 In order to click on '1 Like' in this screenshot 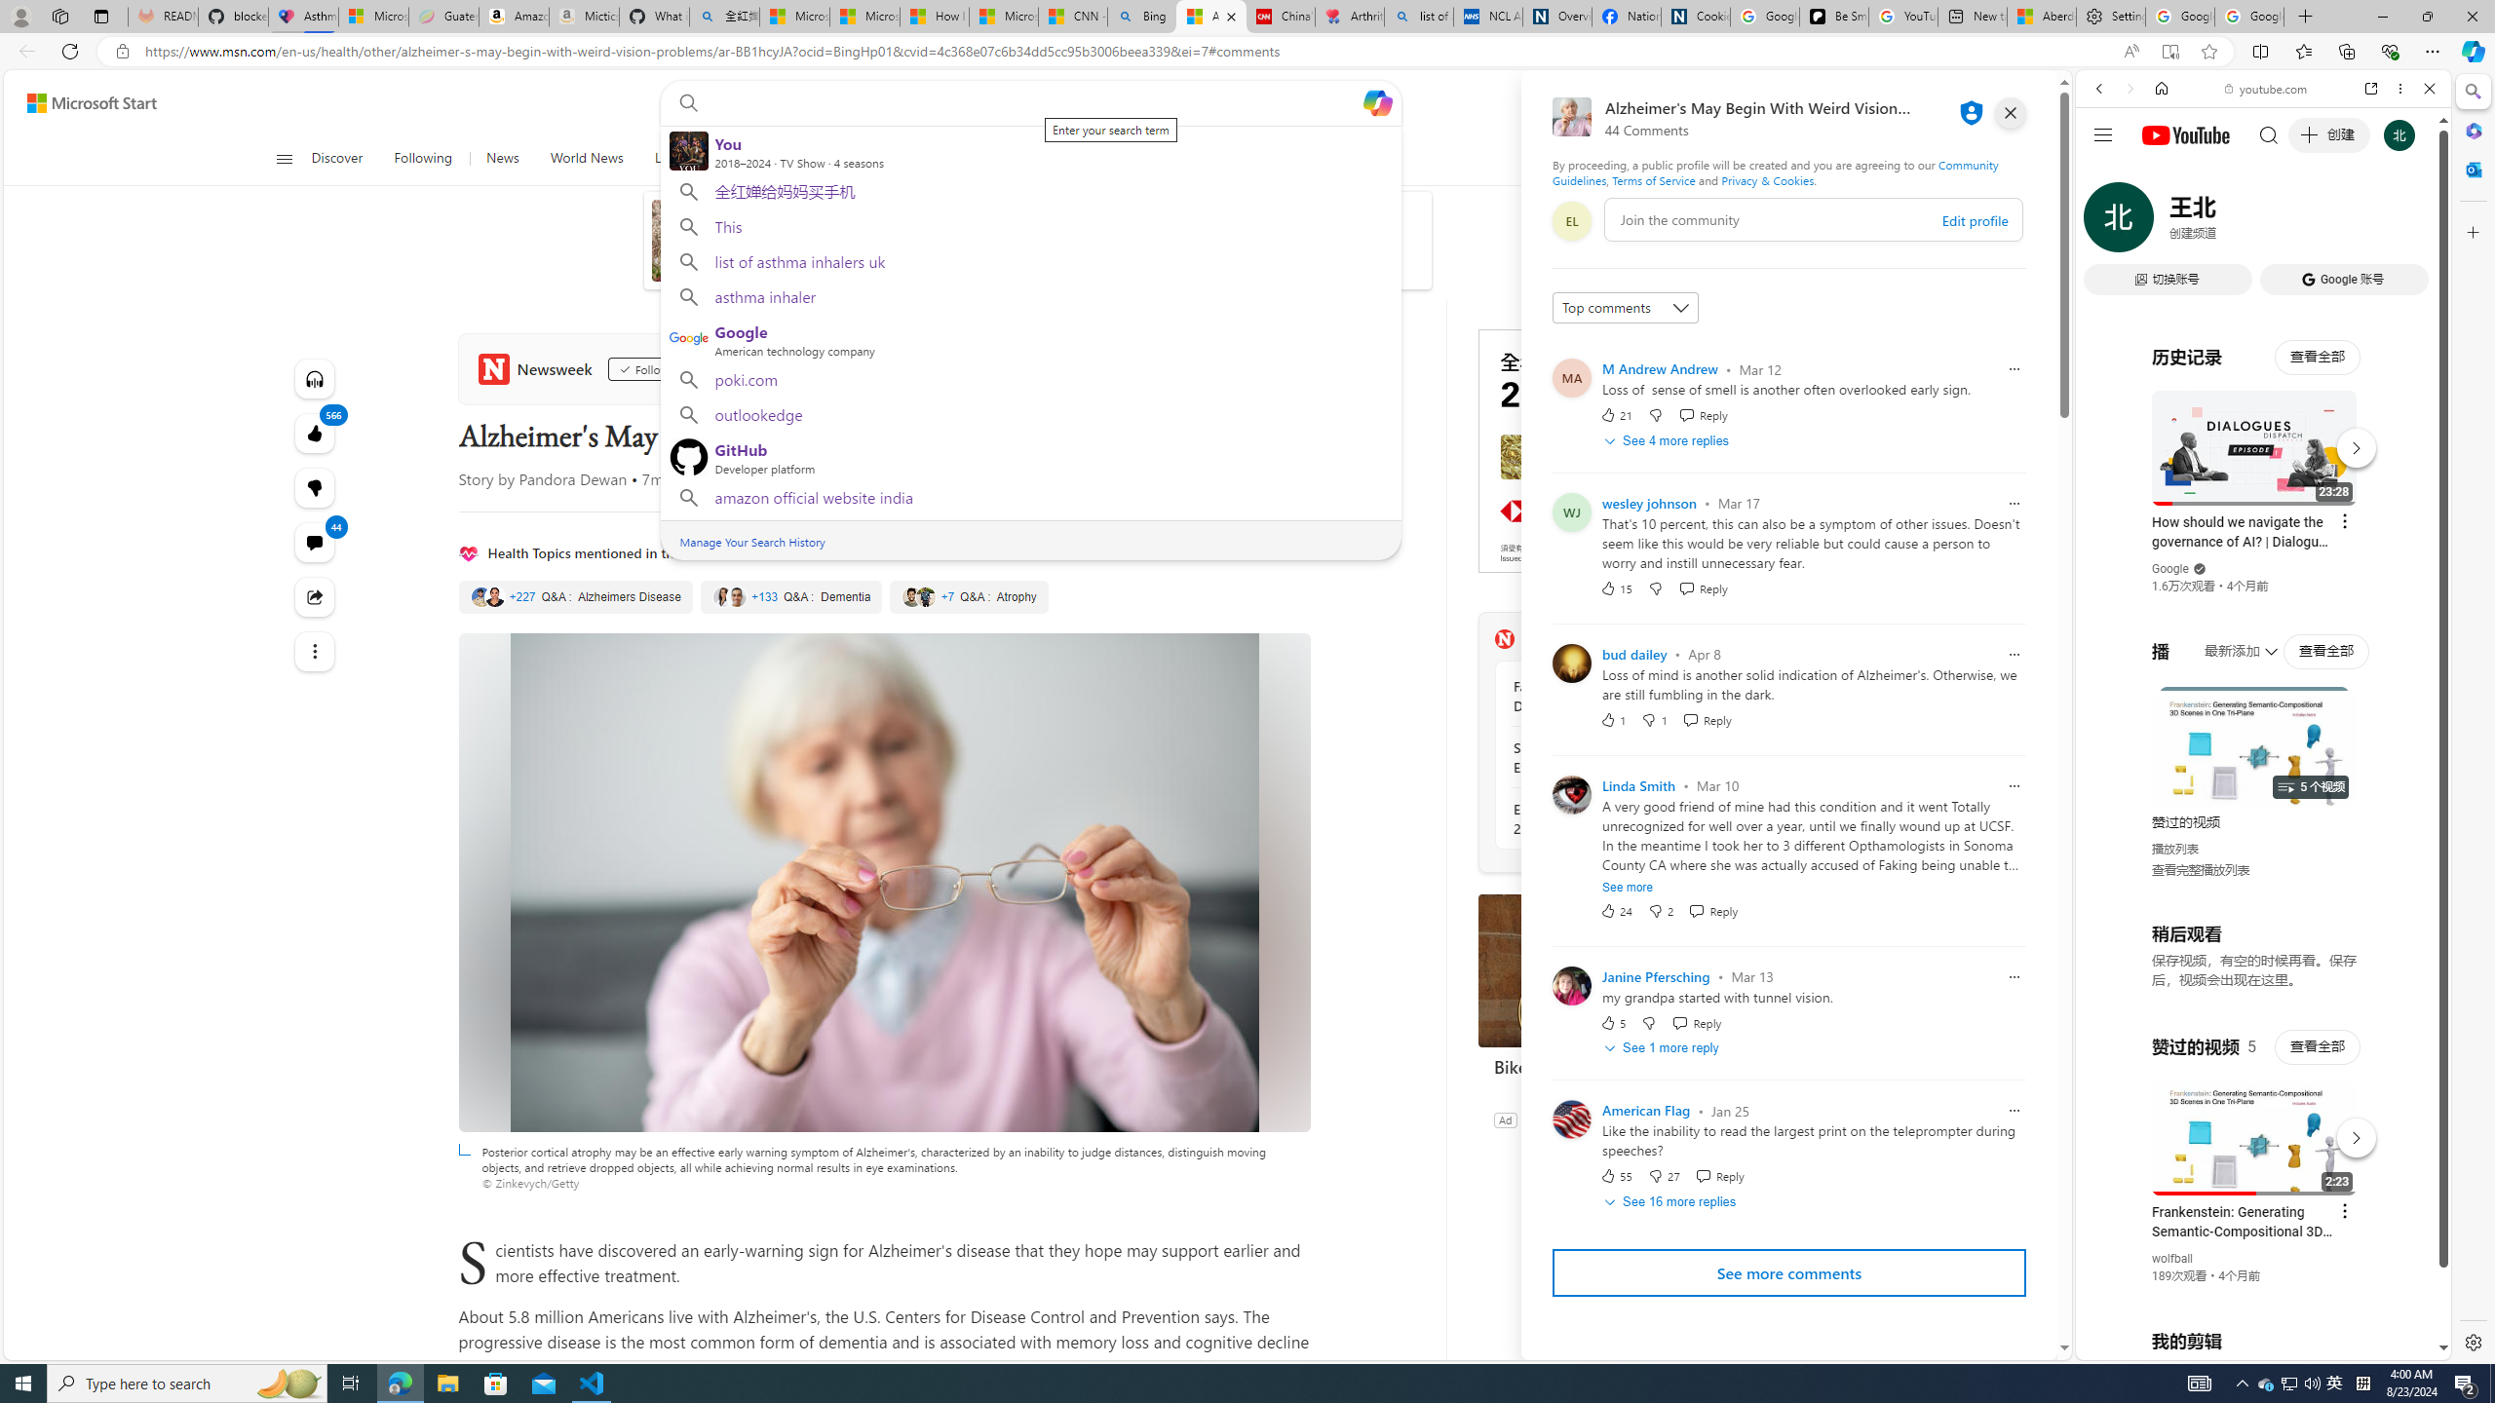, I will do `click(1613, 719)`.